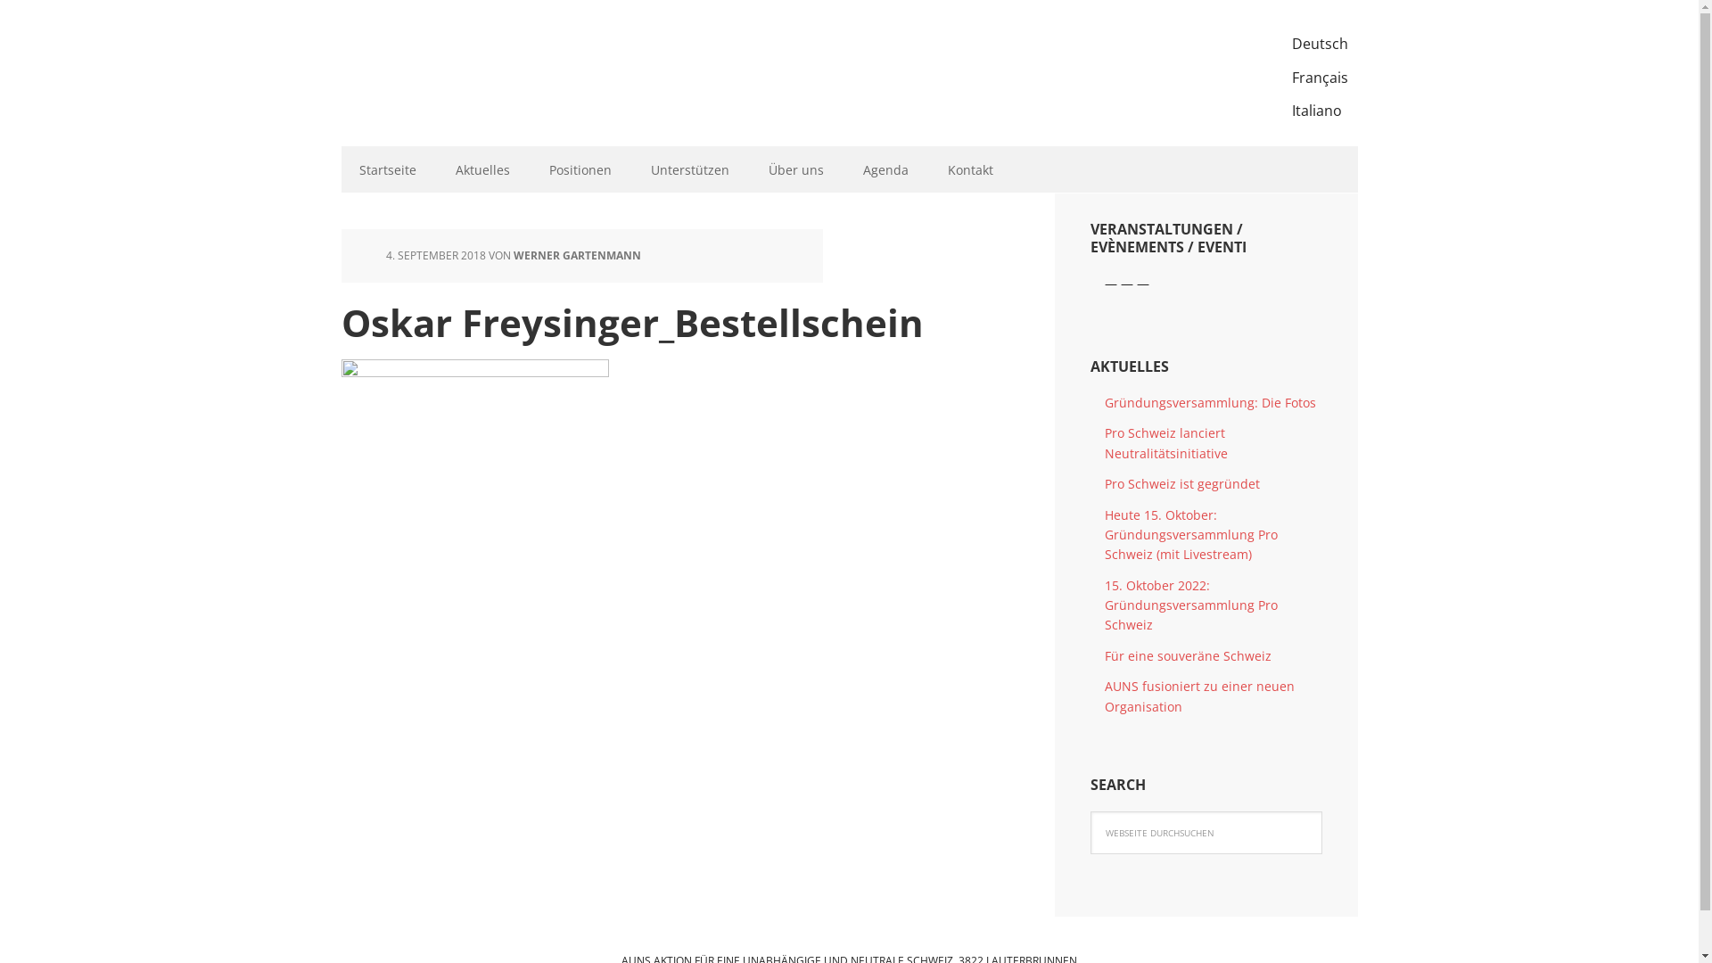 The width and height of the screenshot is (1712, 963). I want to click on 'WERNER GARTENMANN', so click(577, 255).